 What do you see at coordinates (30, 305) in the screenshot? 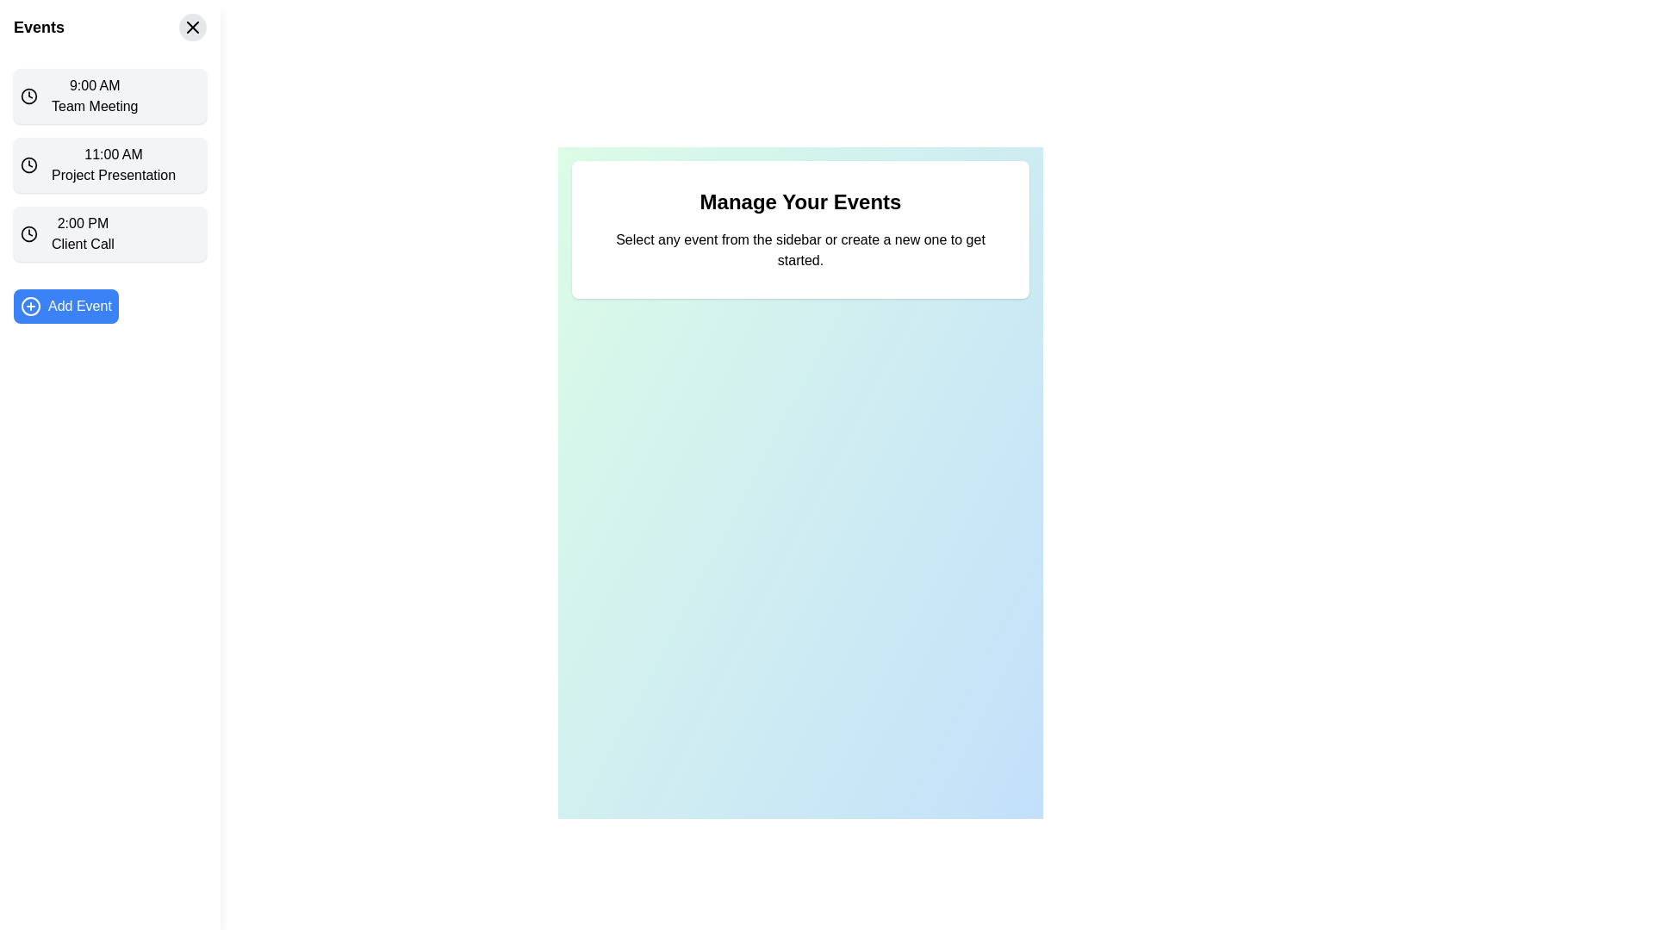
I see `the SVG Circle that is part of an icon on the left side of the interface, next to the 'Add Event' button` at bounding box center [30, 305].